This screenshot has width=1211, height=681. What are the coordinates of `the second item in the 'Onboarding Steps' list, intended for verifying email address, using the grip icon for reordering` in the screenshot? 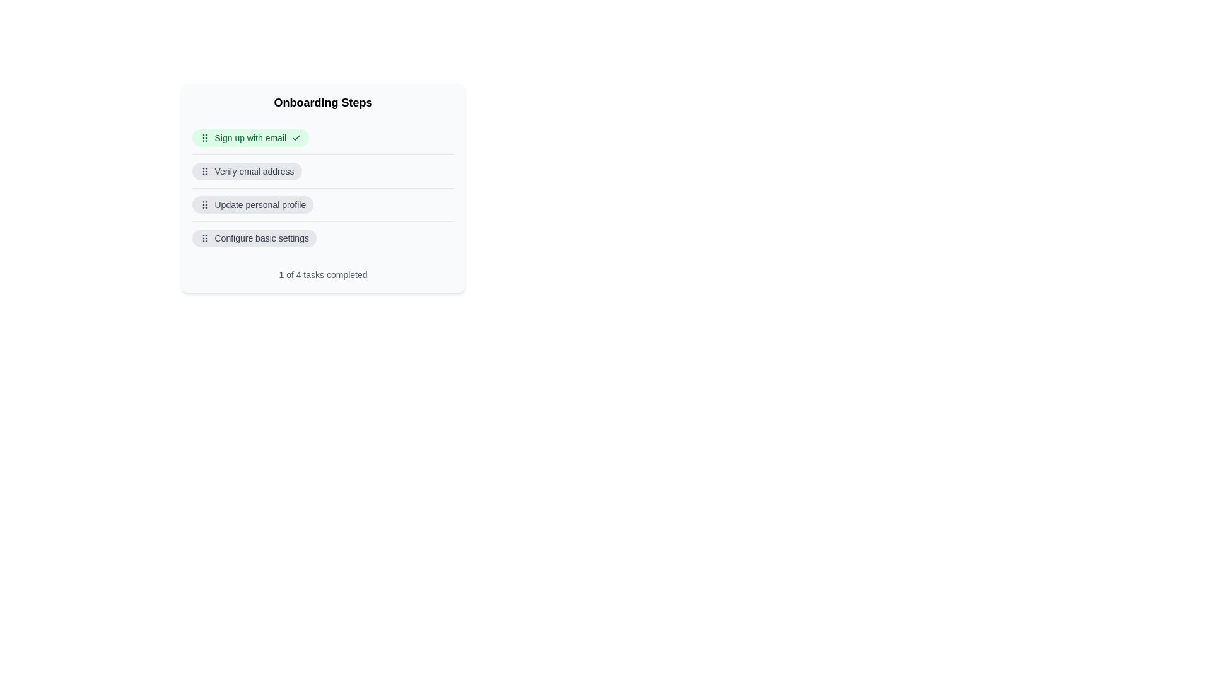 It's located at (247, 172).